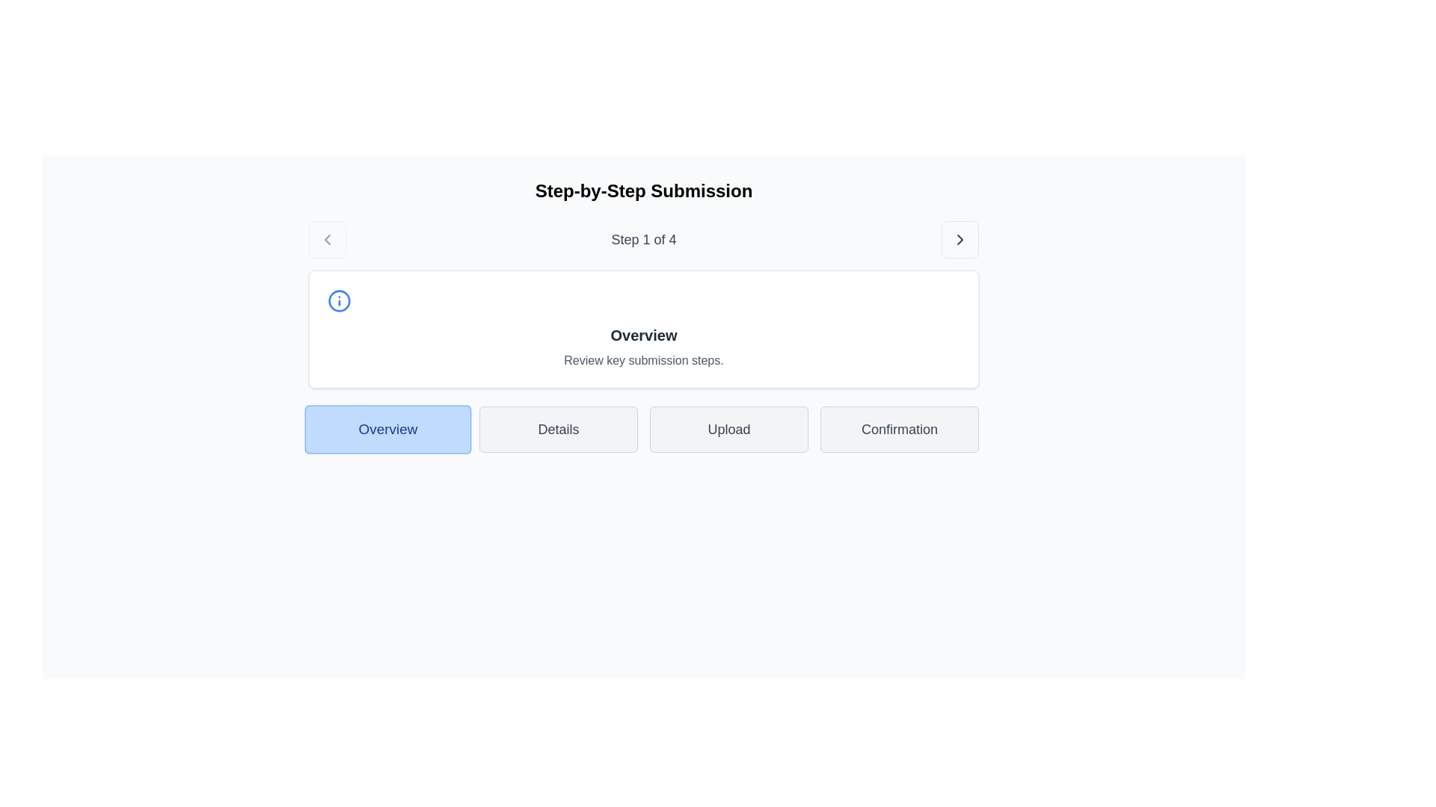 The width and height of the screenshot is (1436, 807). I want to click on the navigation tab of the Informational dialog, so click(643, 315).